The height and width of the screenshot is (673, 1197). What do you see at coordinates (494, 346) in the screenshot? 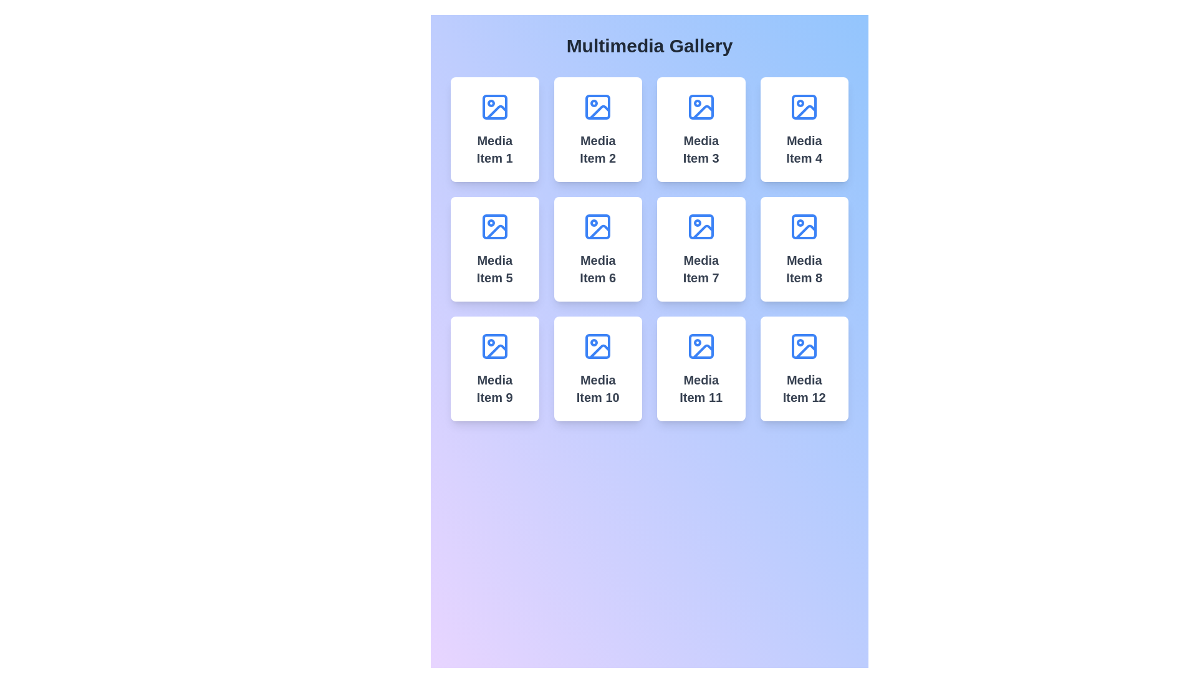
I see `the decorative icon component located in the upper left portion of the image placeholder icon representing 'Media Item 9' in the gallery` at bounding box center [494, 346].